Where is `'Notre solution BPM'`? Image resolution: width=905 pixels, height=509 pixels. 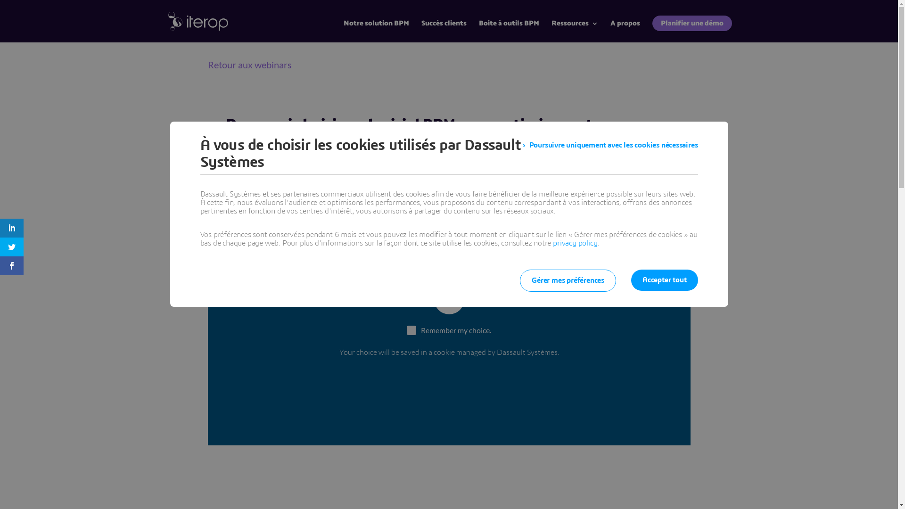 'Notre solution BPM' is located at coordinates (375, 31).